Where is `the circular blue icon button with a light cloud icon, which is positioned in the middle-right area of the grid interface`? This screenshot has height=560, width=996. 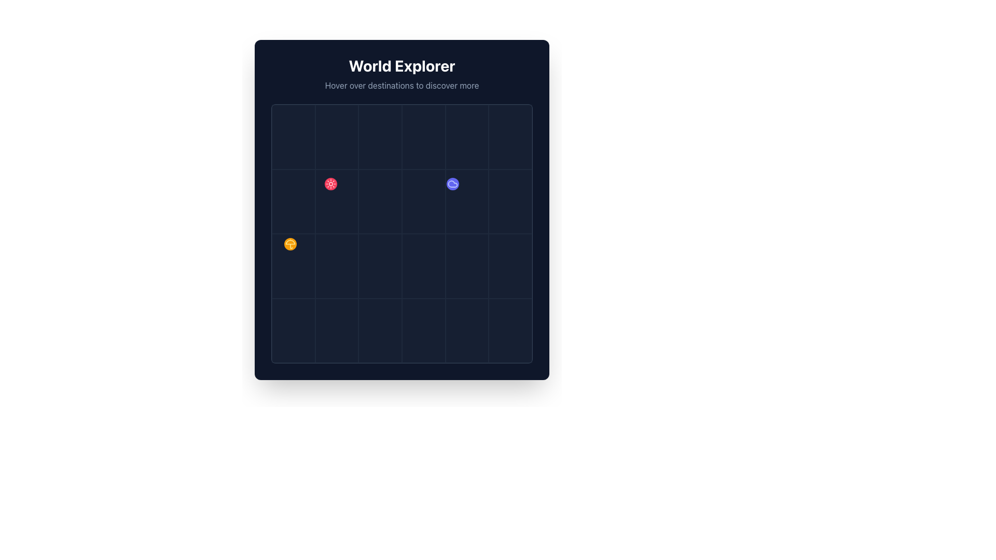 the circular blue icon button with a light cloud icon, which is positioned in the middle-right area of the grid interface is located at coordinates (453, 183).